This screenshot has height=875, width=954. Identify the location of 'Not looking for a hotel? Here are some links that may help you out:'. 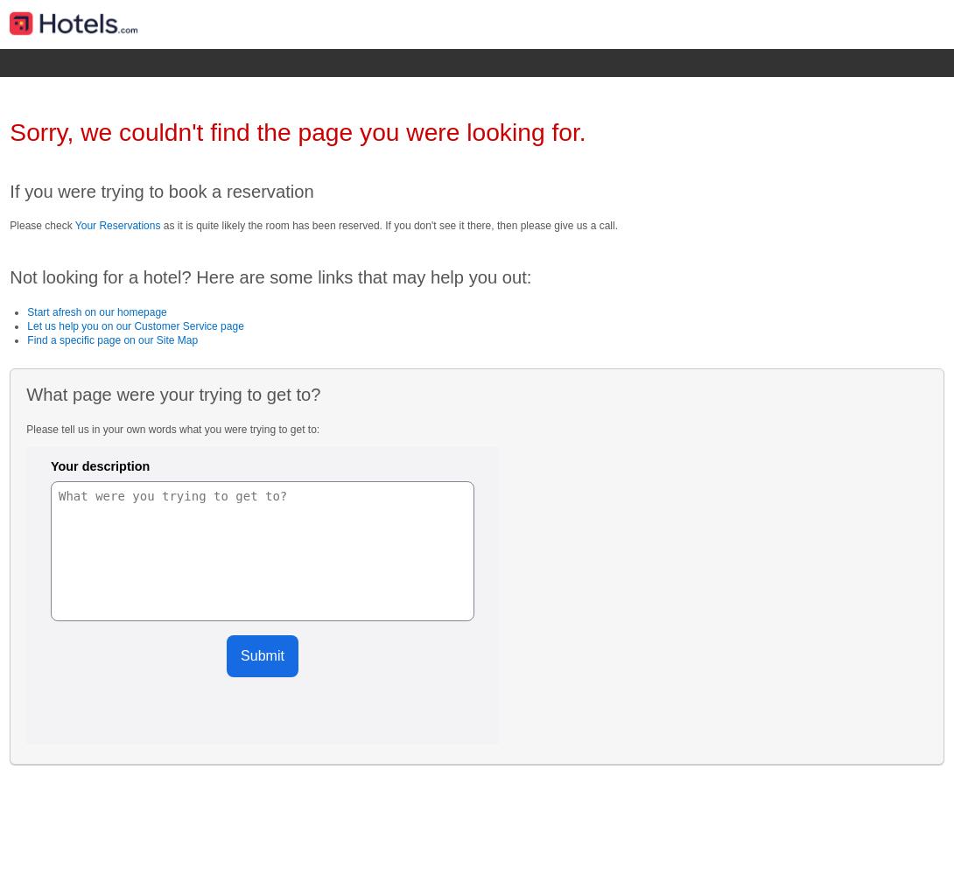
(270, 276).